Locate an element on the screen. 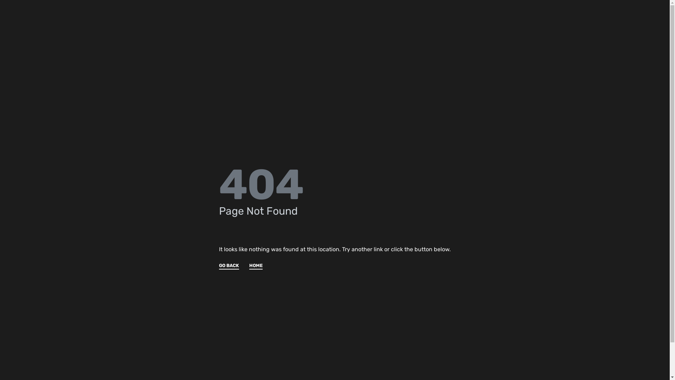 The width and height of the screenshot is (675, 380). 'GO BACK' is located at coordinates (219, 266).